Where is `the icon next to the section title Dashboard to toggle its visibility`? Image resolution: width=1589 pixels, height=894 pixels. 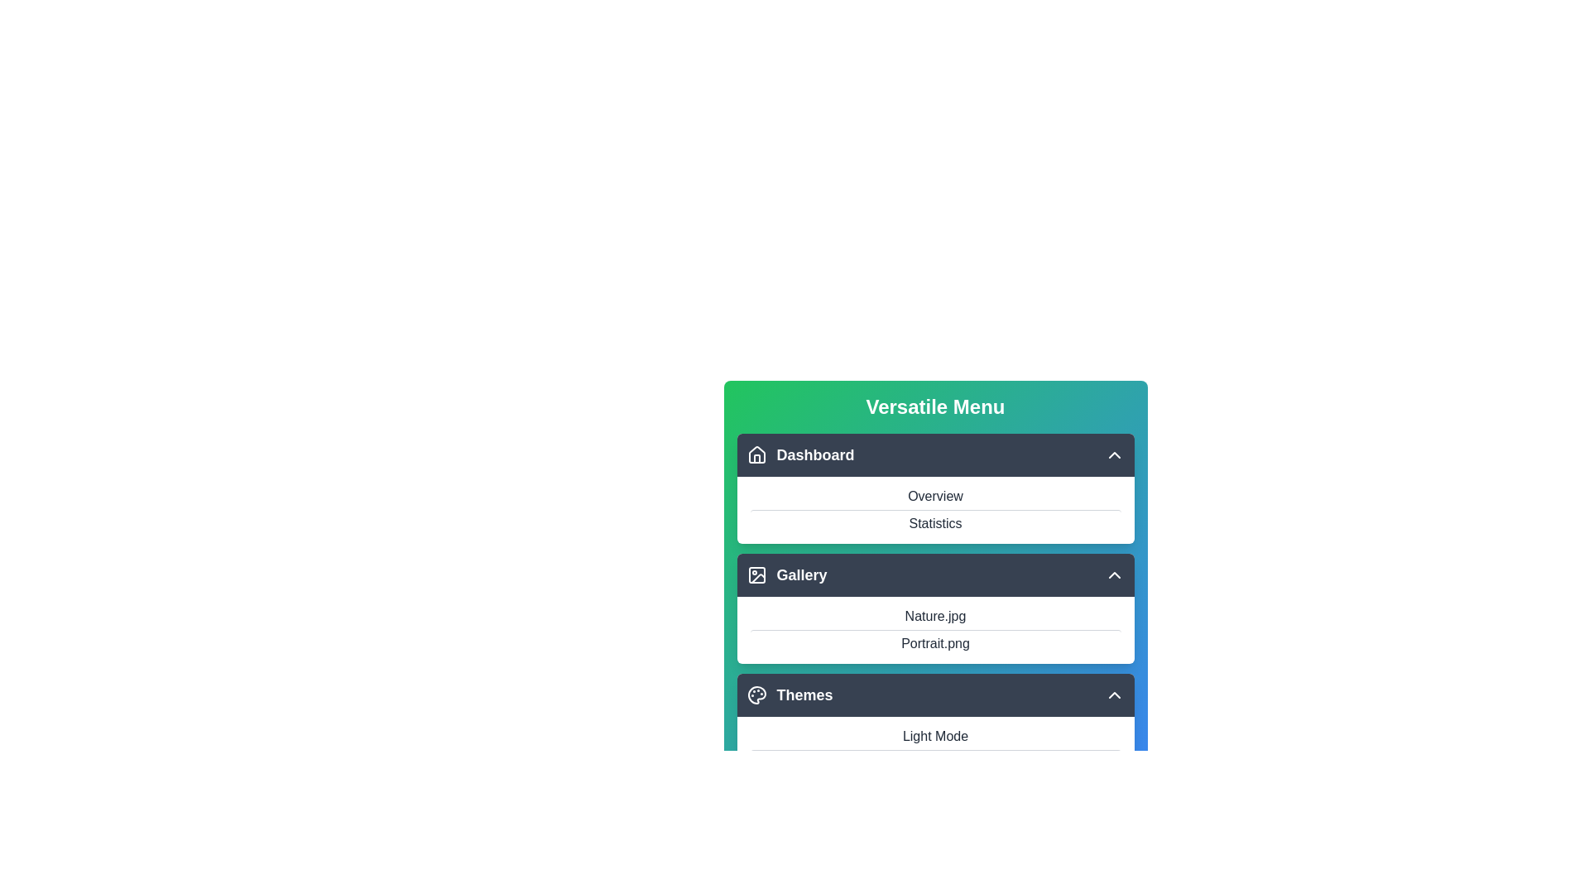
the icon next to the section title Dashboard to toggle its visibility is located at coordinates (756, 455).